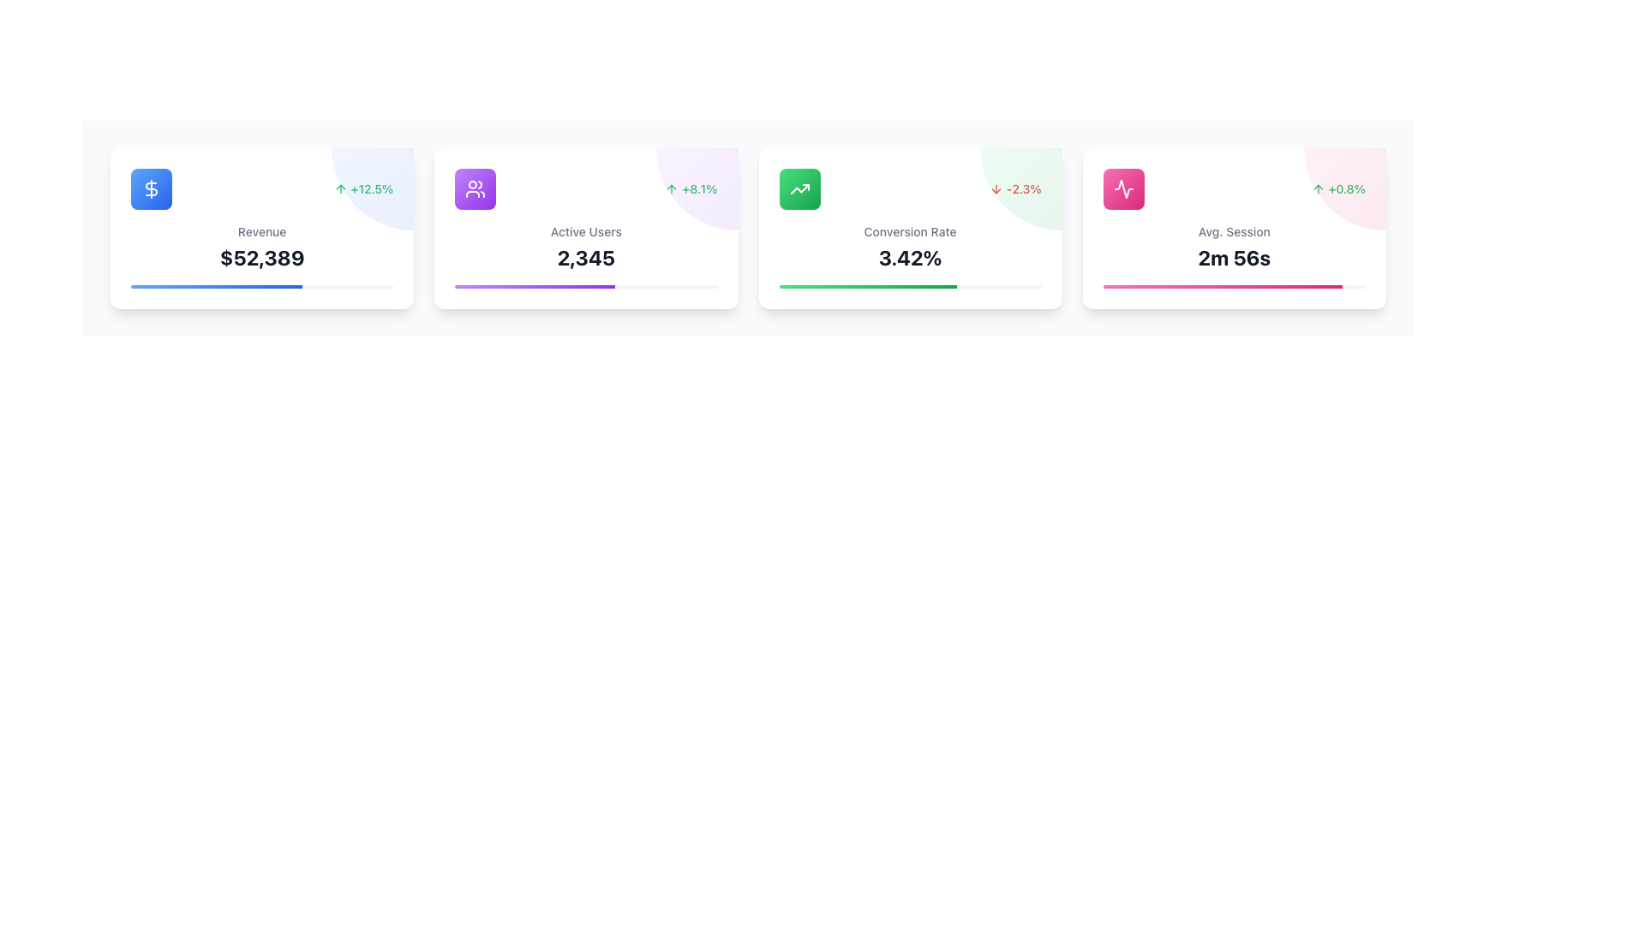  Describe the element at coordinates (586, 286) in the screenshot. I see `the progress bar located at the bottom of the 'Active Users' card, which visually represents percentage completion` at that location.